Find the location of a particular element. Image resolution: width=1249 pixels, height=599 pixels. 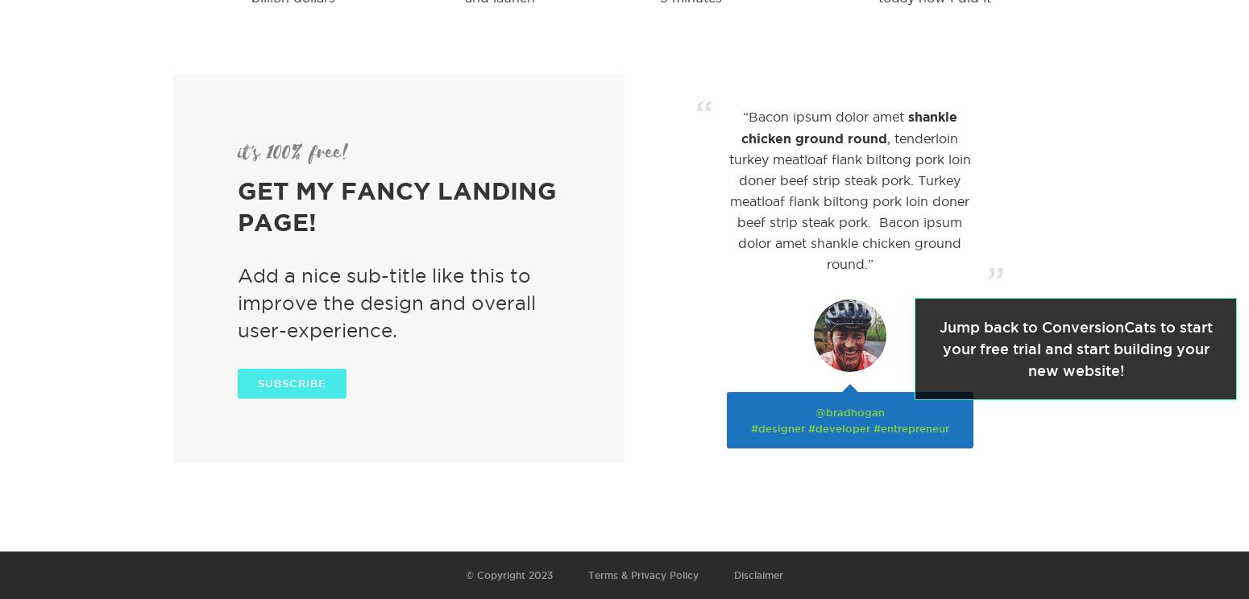

'Terms & Privacy Policy' is located at coordinates (642, 574).